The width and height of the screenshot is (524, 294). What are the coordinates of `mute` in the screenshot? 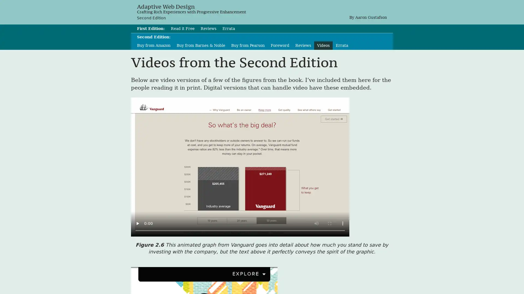 It's located at (317, 223).